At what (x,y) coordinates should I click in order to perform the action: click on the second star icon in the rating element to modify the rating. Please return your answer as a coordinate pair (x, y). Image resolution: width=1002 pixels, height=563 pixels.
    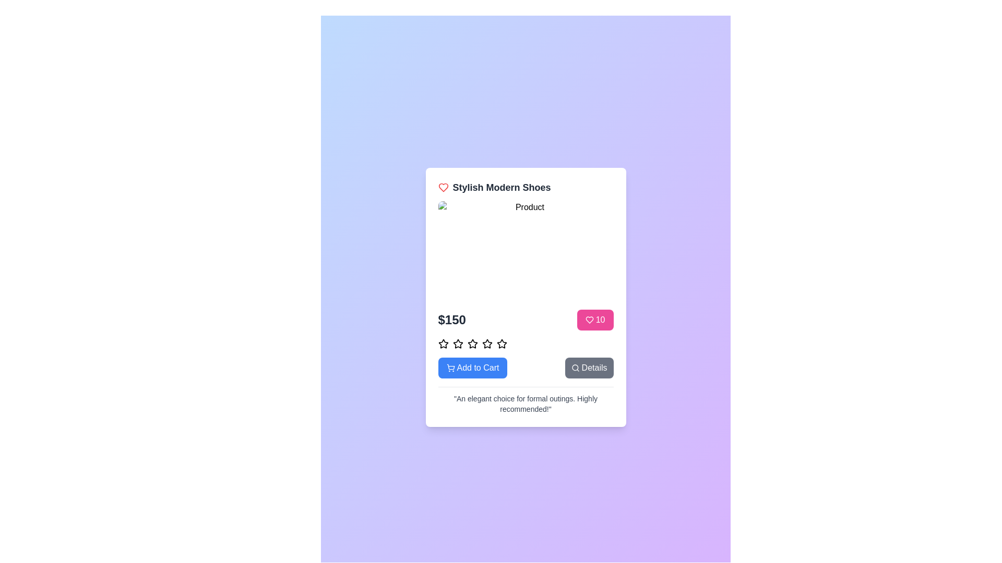
    Looking at the image, I should click on (458, 344).